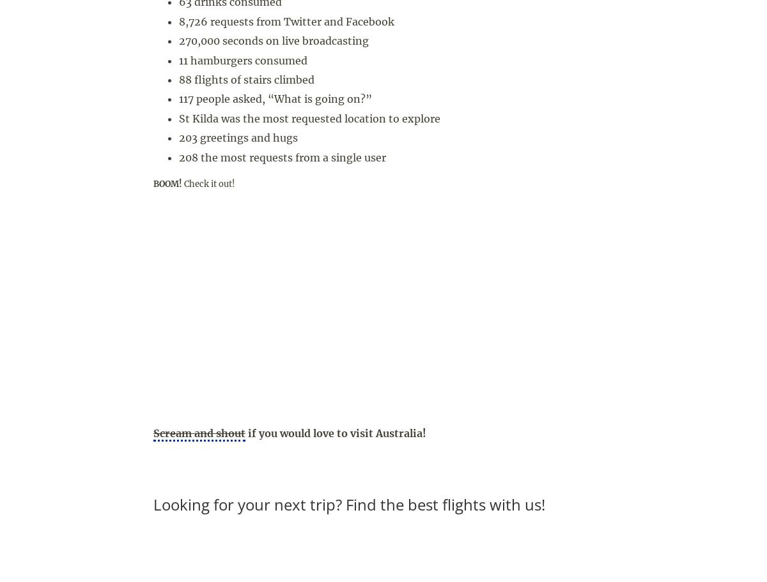 This screenshot has width=767, height=582. I want to click on '208 the most requests from a single user', so click(282, 156).